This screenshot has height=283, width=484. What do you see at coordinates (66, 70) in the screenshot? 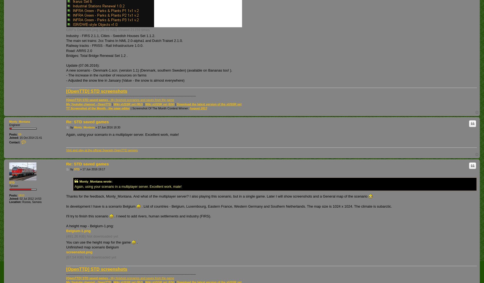
I see `'A new scenario - Denmark-1.scn. (version 1.1) (Denmark, southern Sweden) (available on Bananas too! ).'` at bounding box center [66, 70].